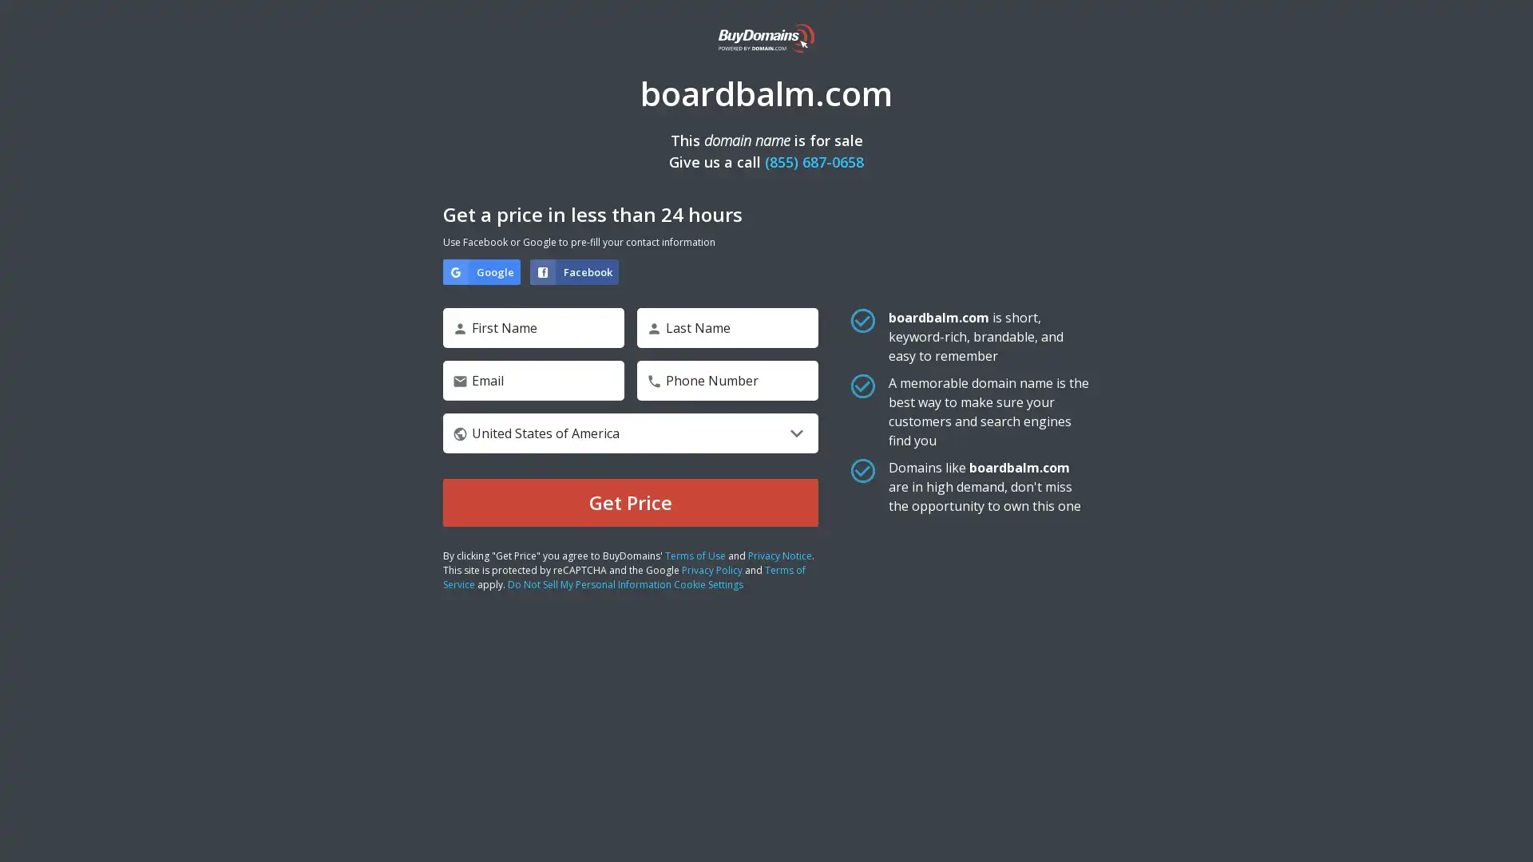  What do you see at coordinates (162, 757) in the screenshot?
I see `Got It` at bounding box center [162, 757].